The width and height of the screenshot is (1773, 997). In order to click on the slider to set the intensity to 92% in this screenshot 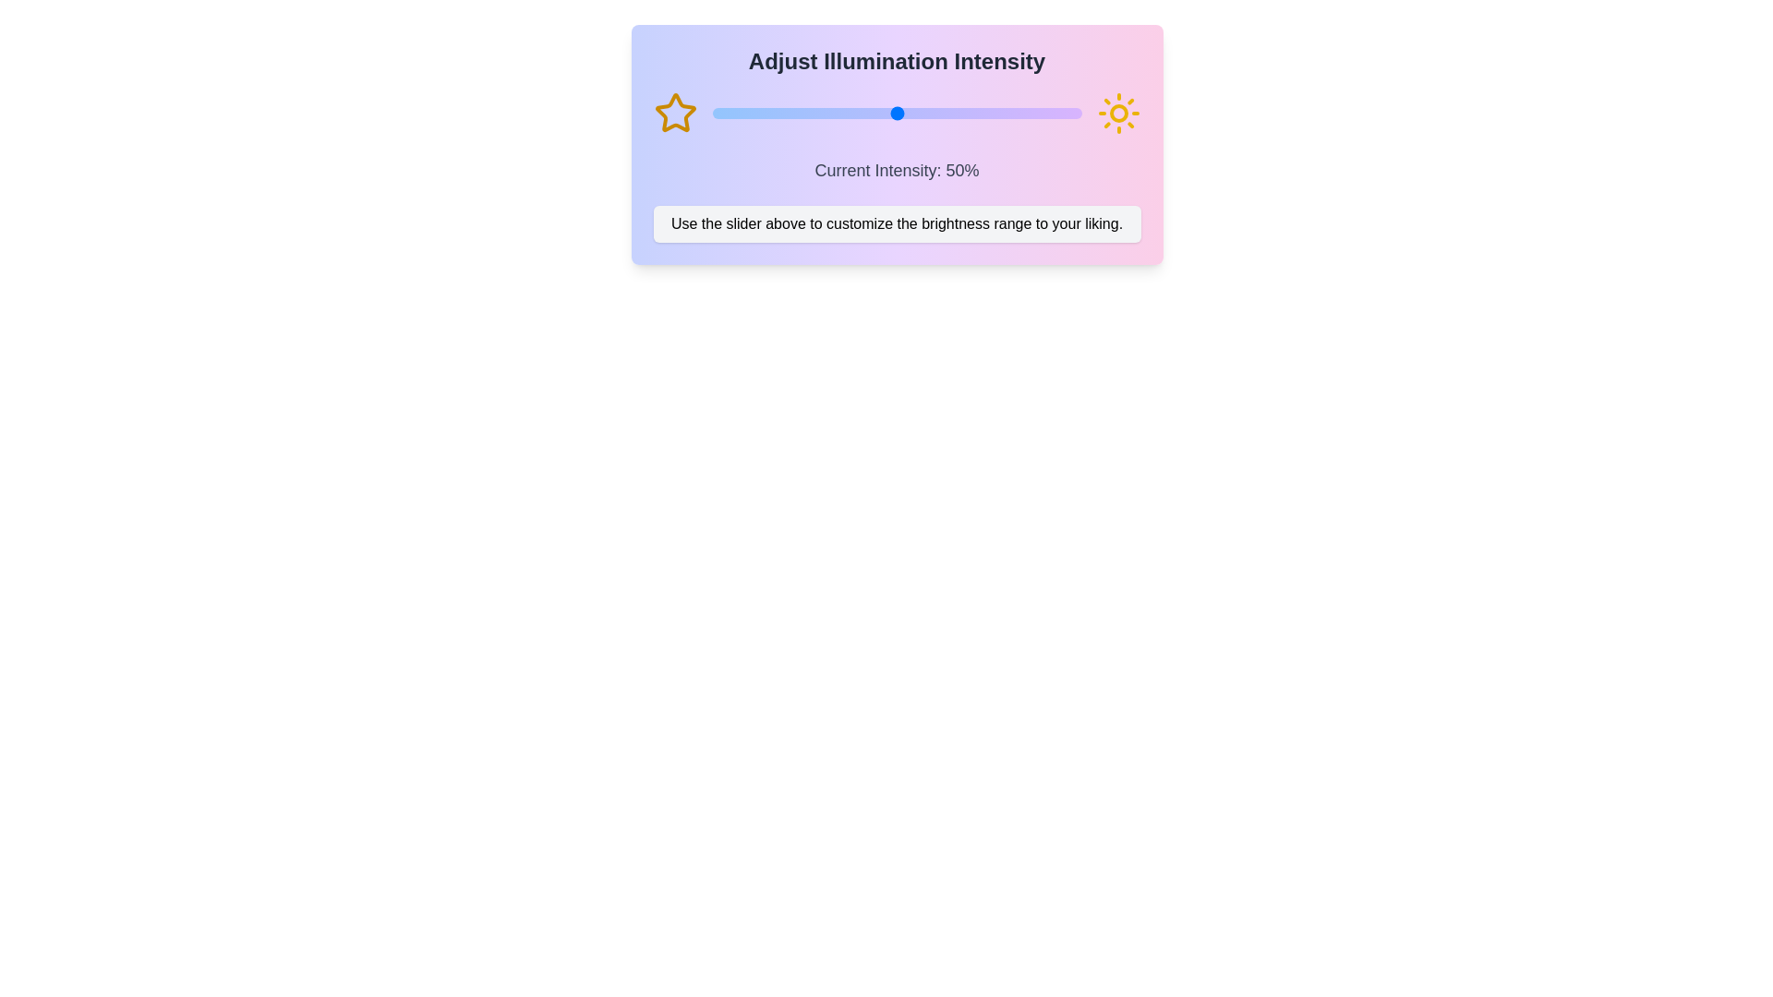, I will do `click(1052, 114)`.